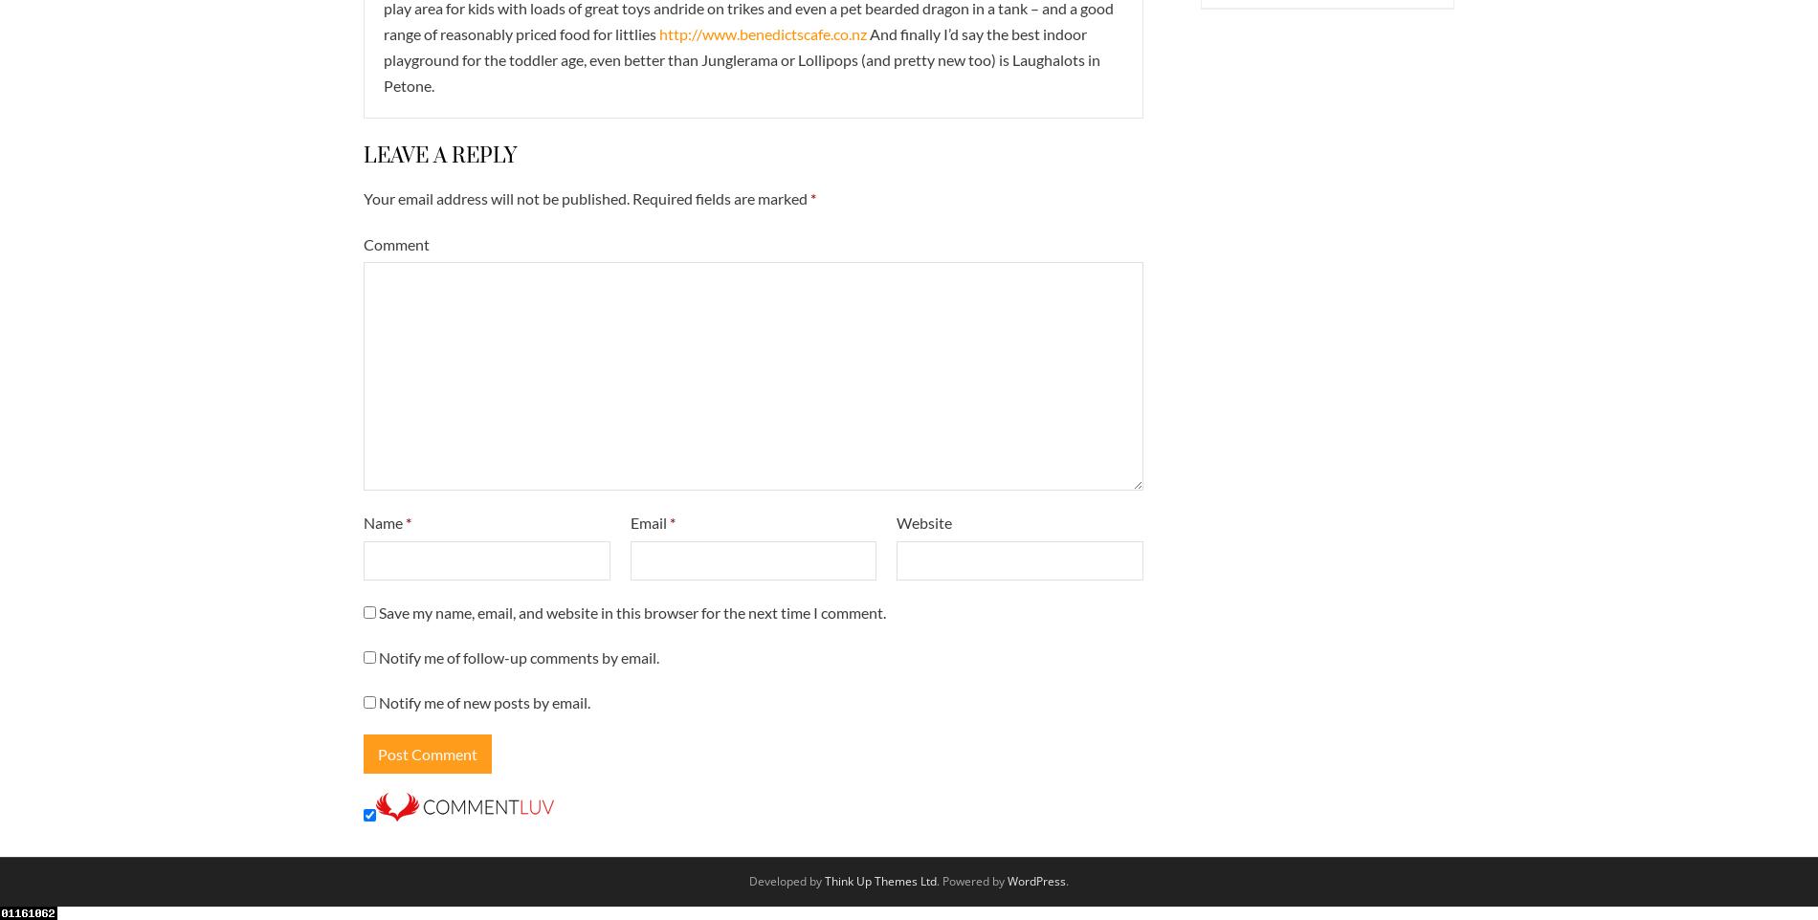 The width and height of the screenshot is (1818, 920). I want to click on 'Website', so click(923, 522).